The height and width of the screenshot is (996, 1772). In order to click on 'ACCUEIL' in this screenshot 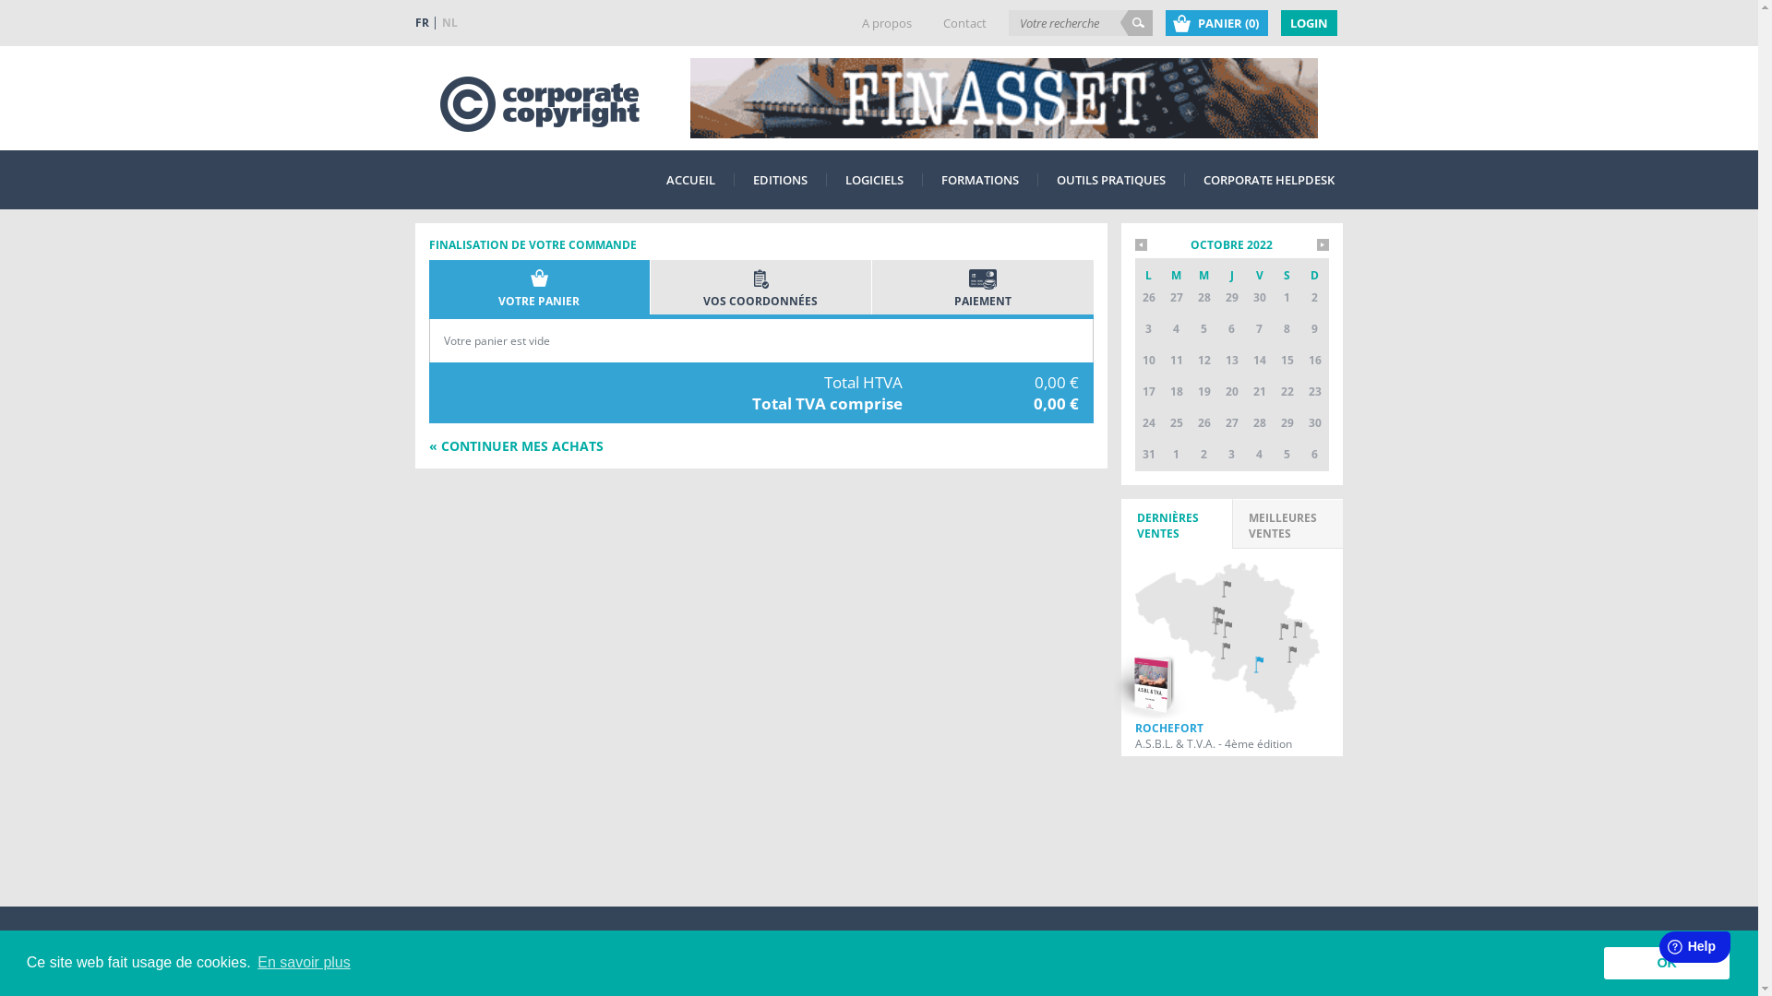, I will do `click(689, 180)`.